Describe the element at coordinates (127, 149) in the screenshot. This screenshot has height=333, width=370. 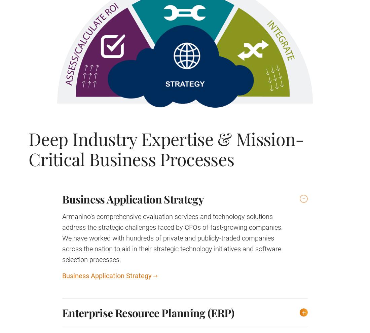
I see `'and become a part of our unique culture.'` at that location.